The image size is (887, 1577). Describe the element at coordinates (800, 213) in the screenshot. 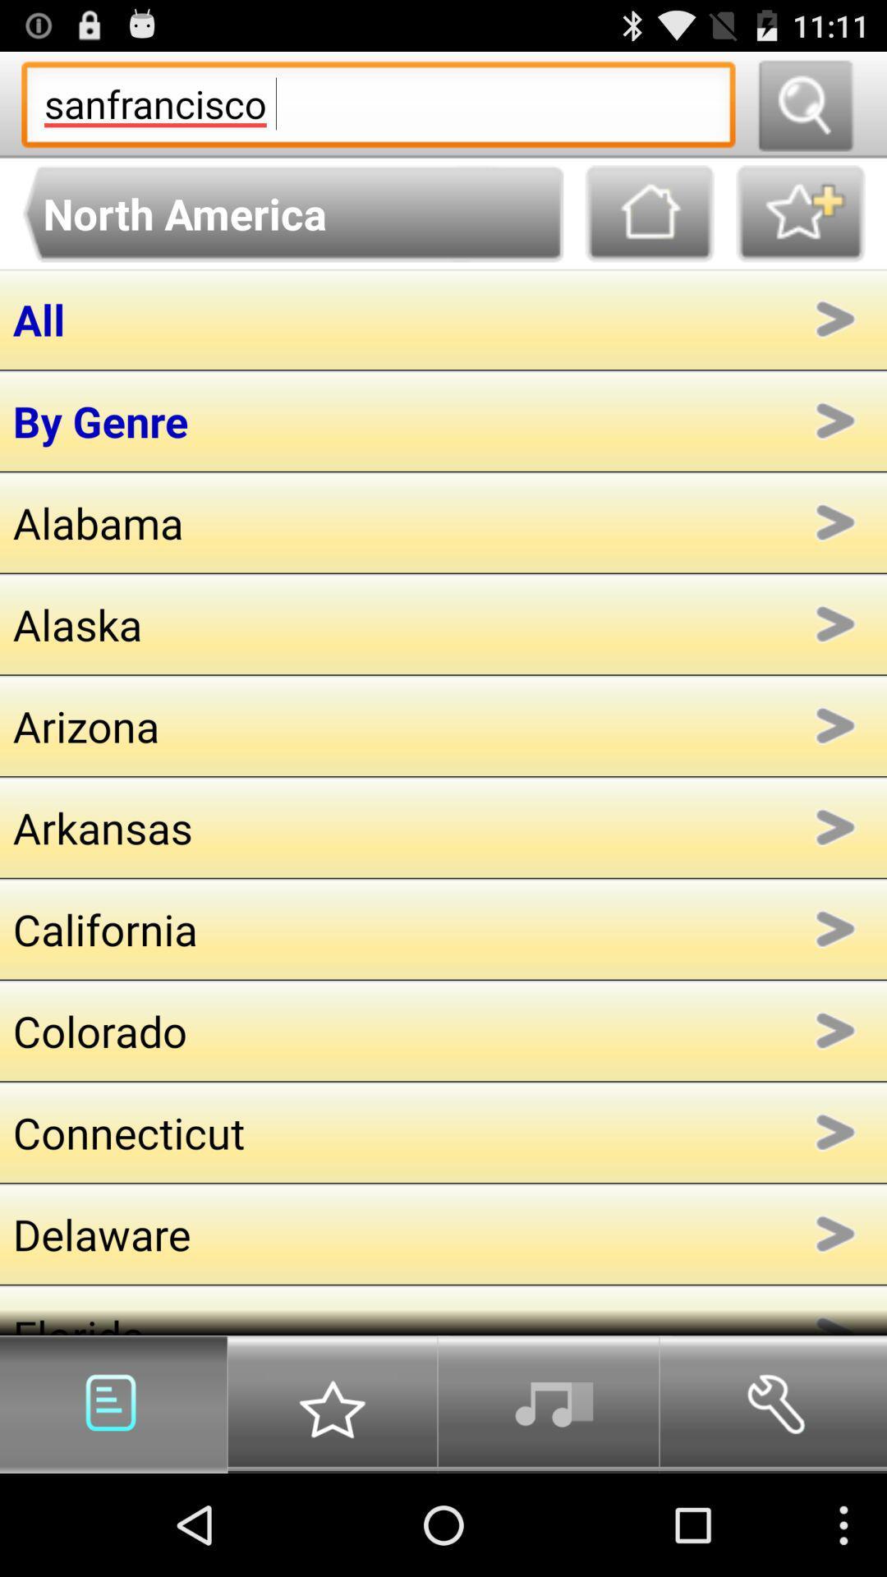

I see `mark as favorite` at that location.